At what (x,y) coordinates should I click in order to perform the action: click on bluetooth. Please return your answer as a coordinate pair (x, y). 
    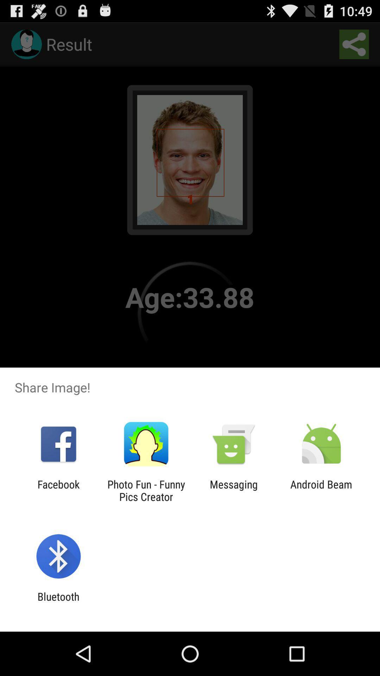
    Looking at the image, I should click on (58, 602).